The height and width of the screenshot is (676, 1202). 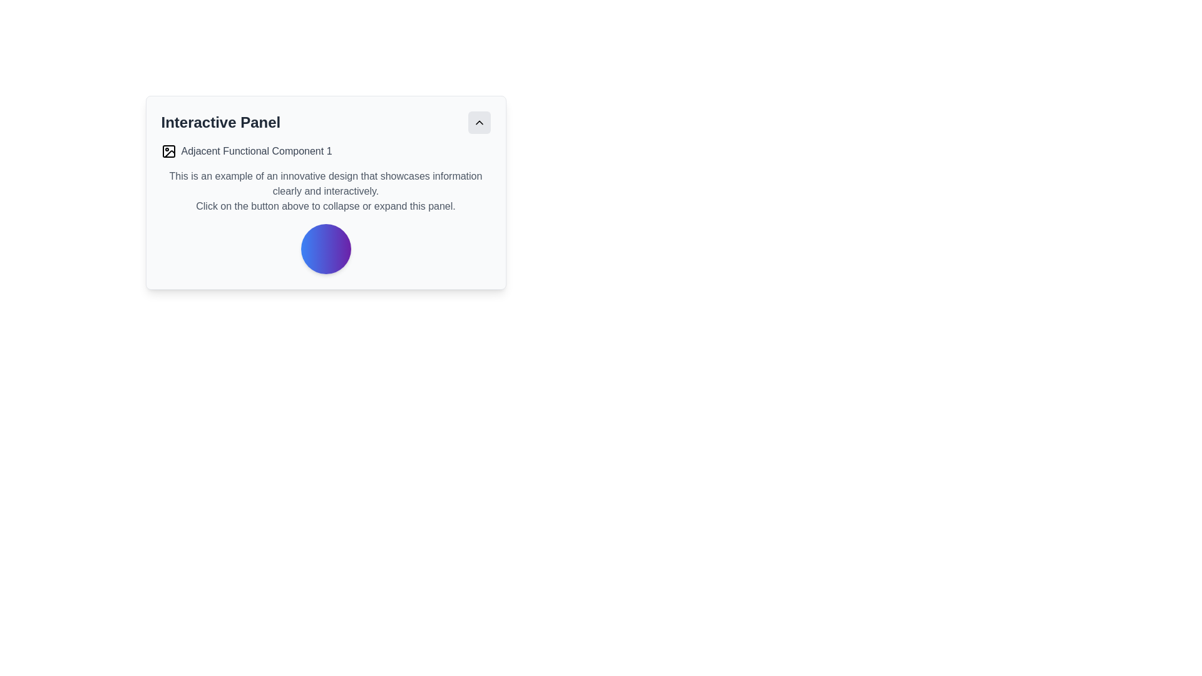 I want to click on the small, square-shaped button with rounded corners and a black upward-pointing chevron icon, located in the top-right corner of the 'Interactive Panel', so click(x=478, y=123).